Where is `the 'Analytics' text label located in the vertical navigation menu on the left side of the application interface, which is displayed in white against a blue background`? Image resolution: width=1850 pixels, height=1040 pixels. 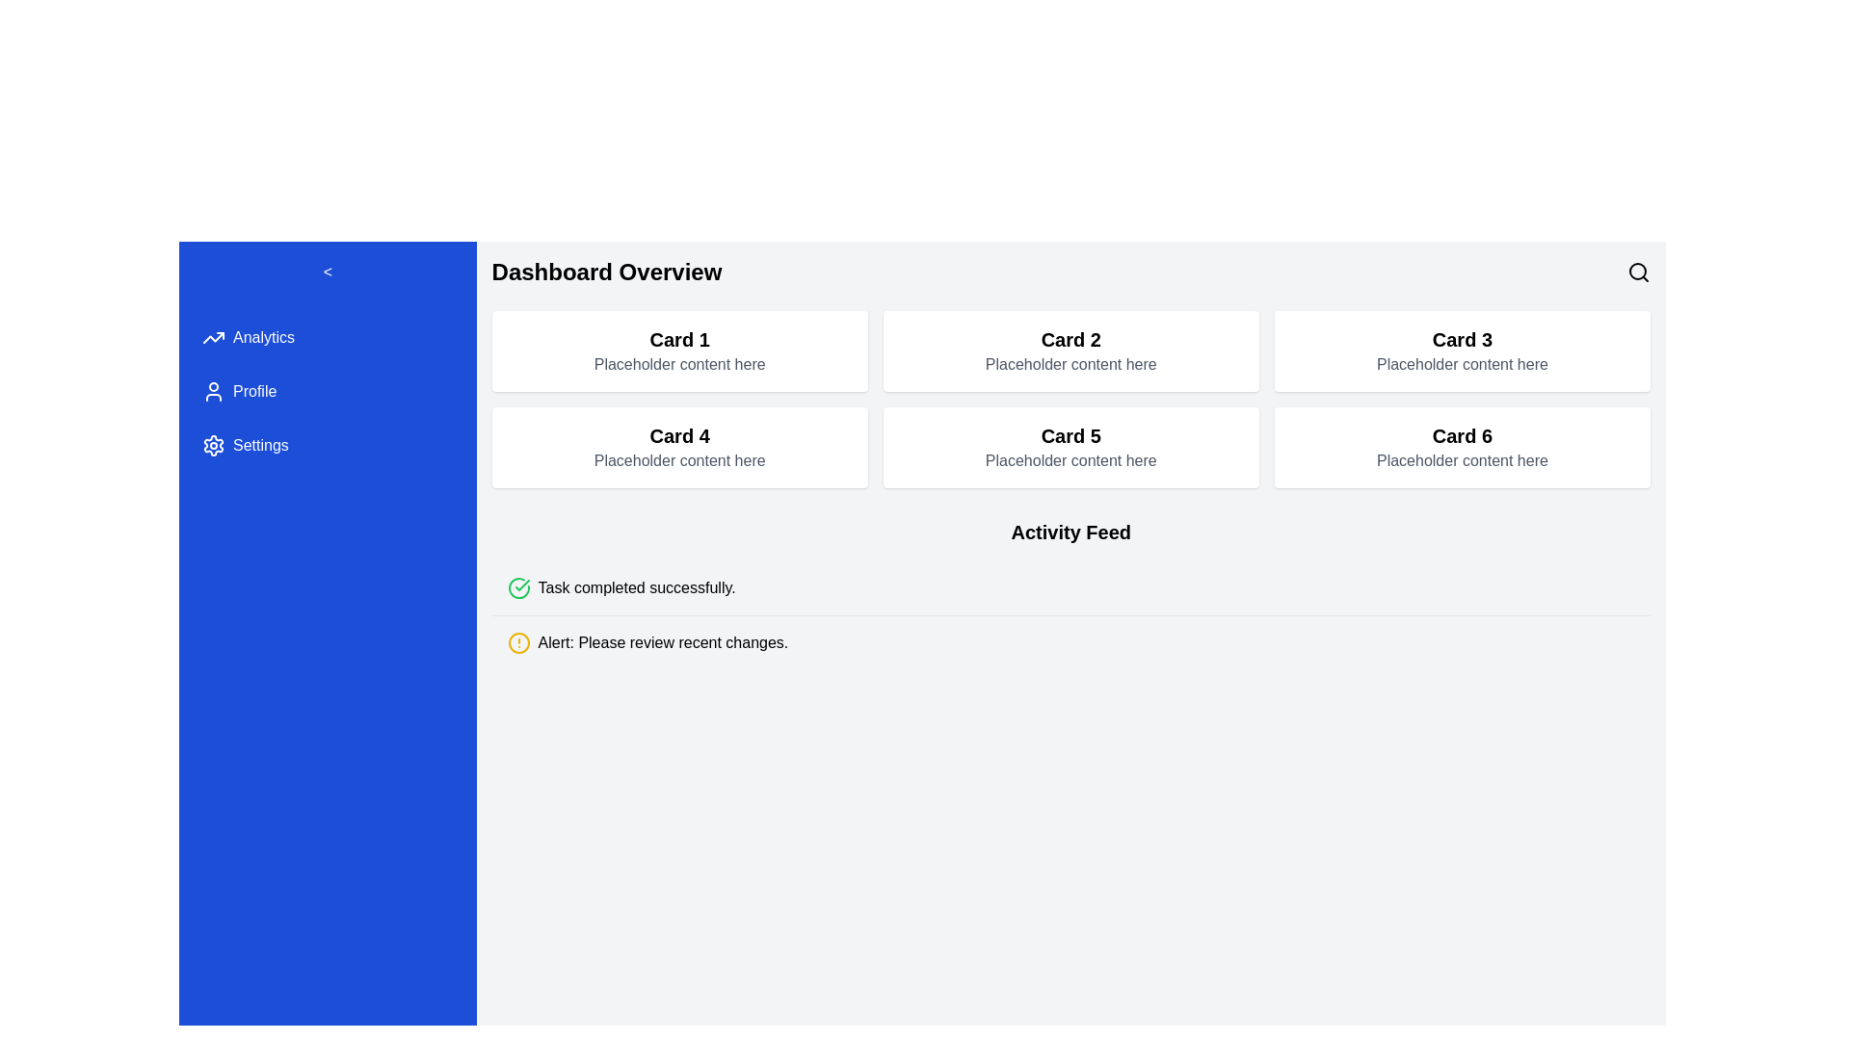
the 'Analytics' text label located in the vertical navigation menu on the left side of the application interface, which is displayed in white against a blue background is located at coordinates (262, 337).